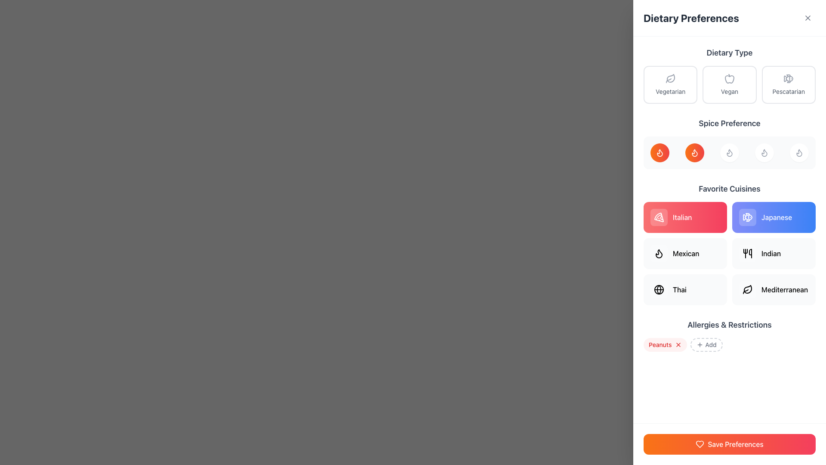 The image size is (826, 465). I want to click on the first flame-themed icon in the 'Spice Preference' section, so click(660, 152).